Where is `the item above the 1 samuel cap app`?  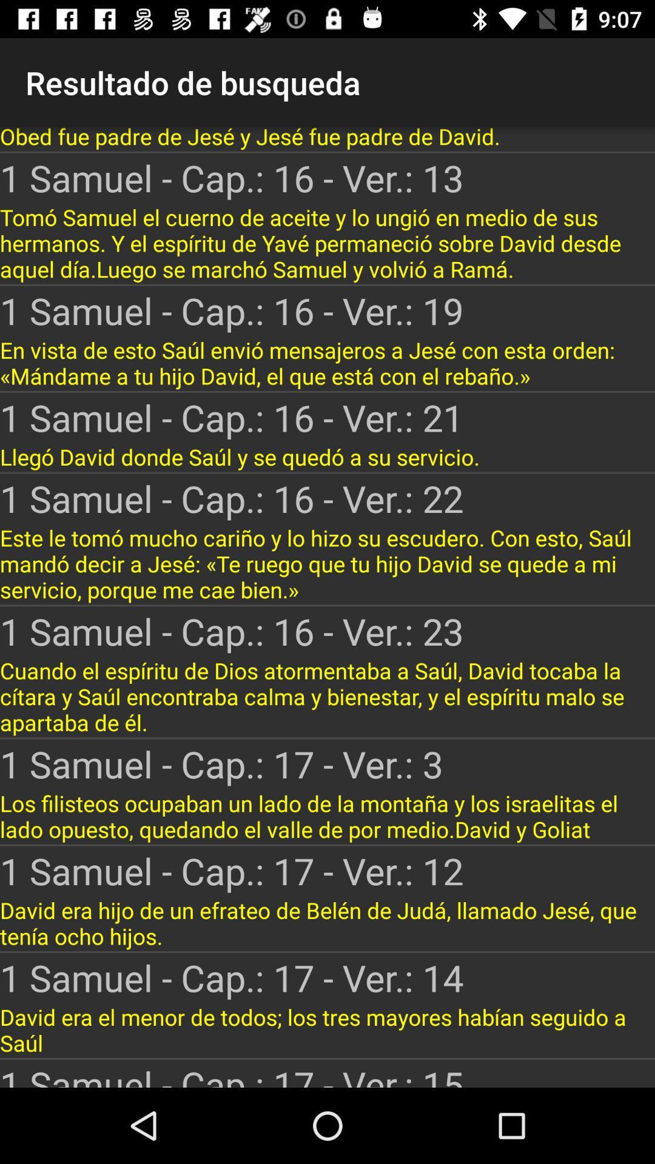 the item above the 1 samuel cap app is located at coordinates (327, 563).